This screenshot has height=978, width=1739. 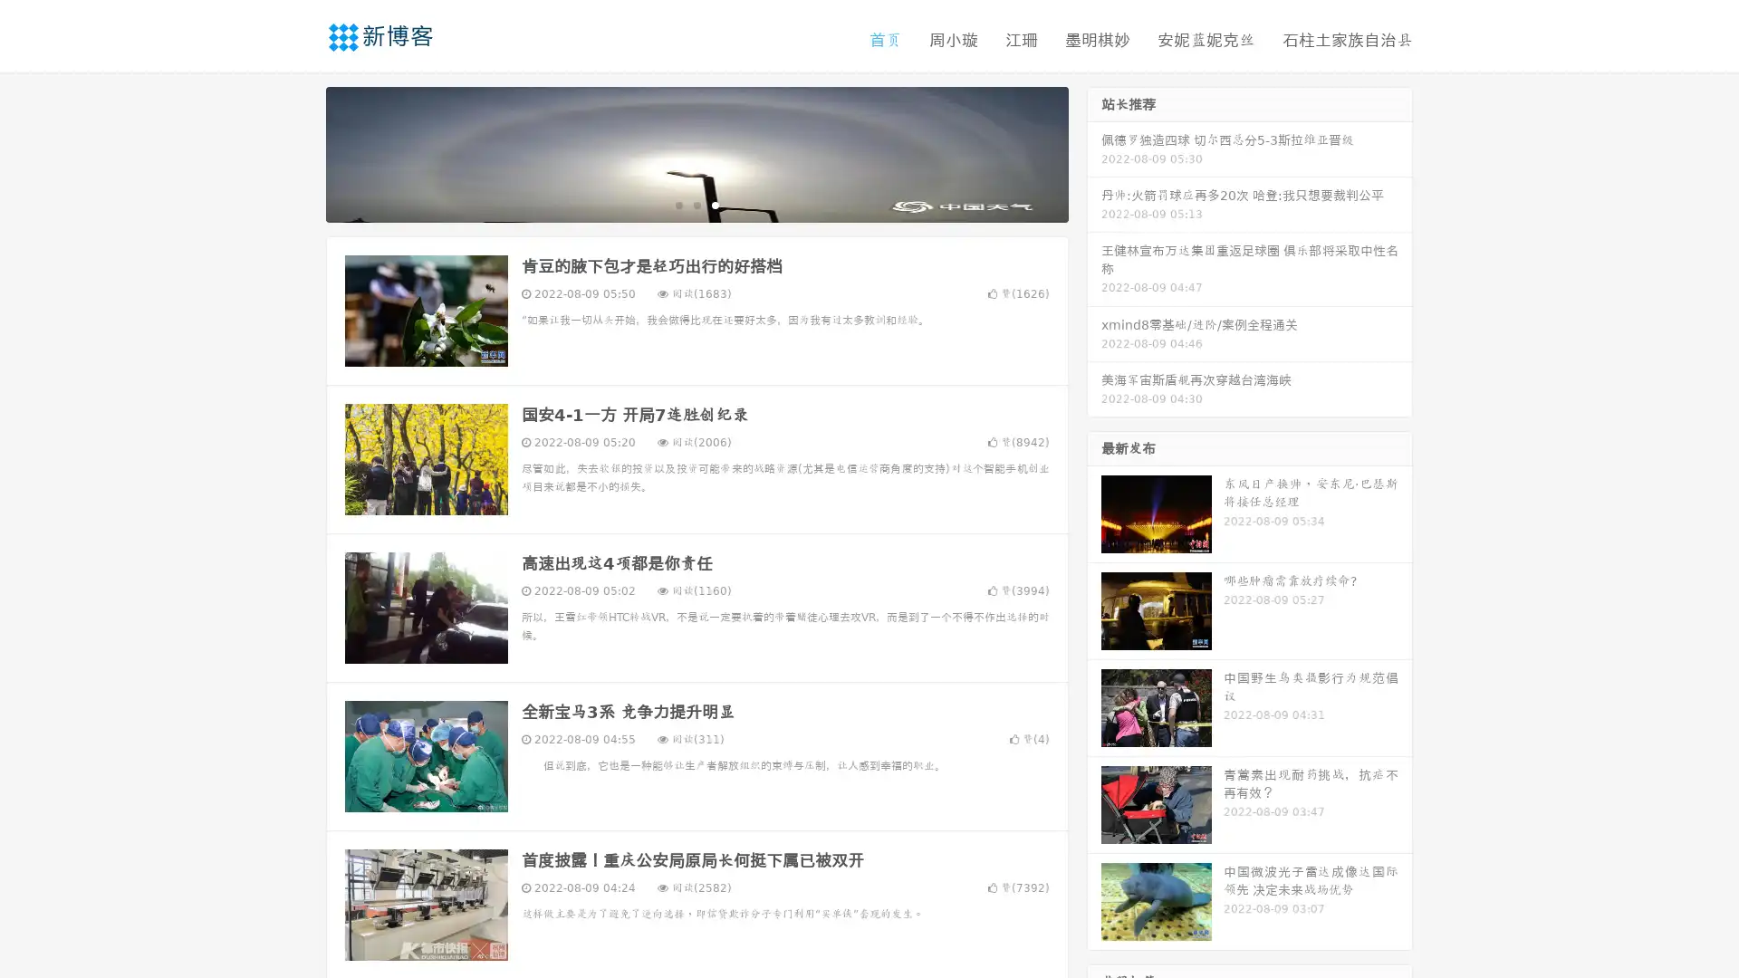 What do you see at coordinates (715, 204) in the screenshot?
I see `Go to slide 3` at bounding box center [715, 204].